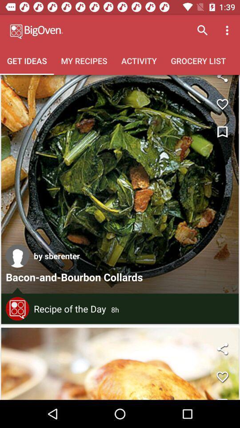 This screenshot has height=428, width=240. I want to click on love reaction, so click(222, 104).